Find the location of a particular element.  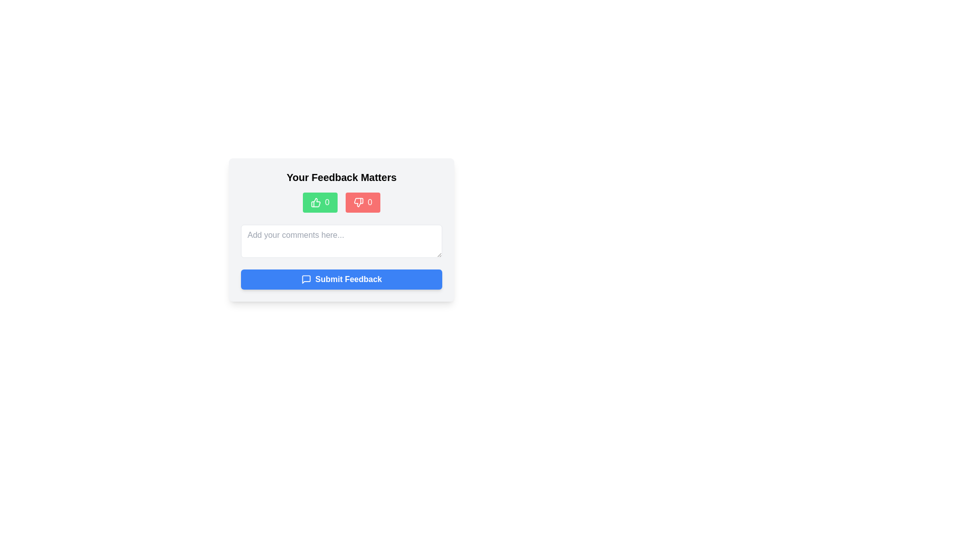

the thumbs-down icon, which is styled with a white stroke on a transparent background and positioned to the right of the thumbs-up icon within the feedback panel is located at coordinates (359, 202).